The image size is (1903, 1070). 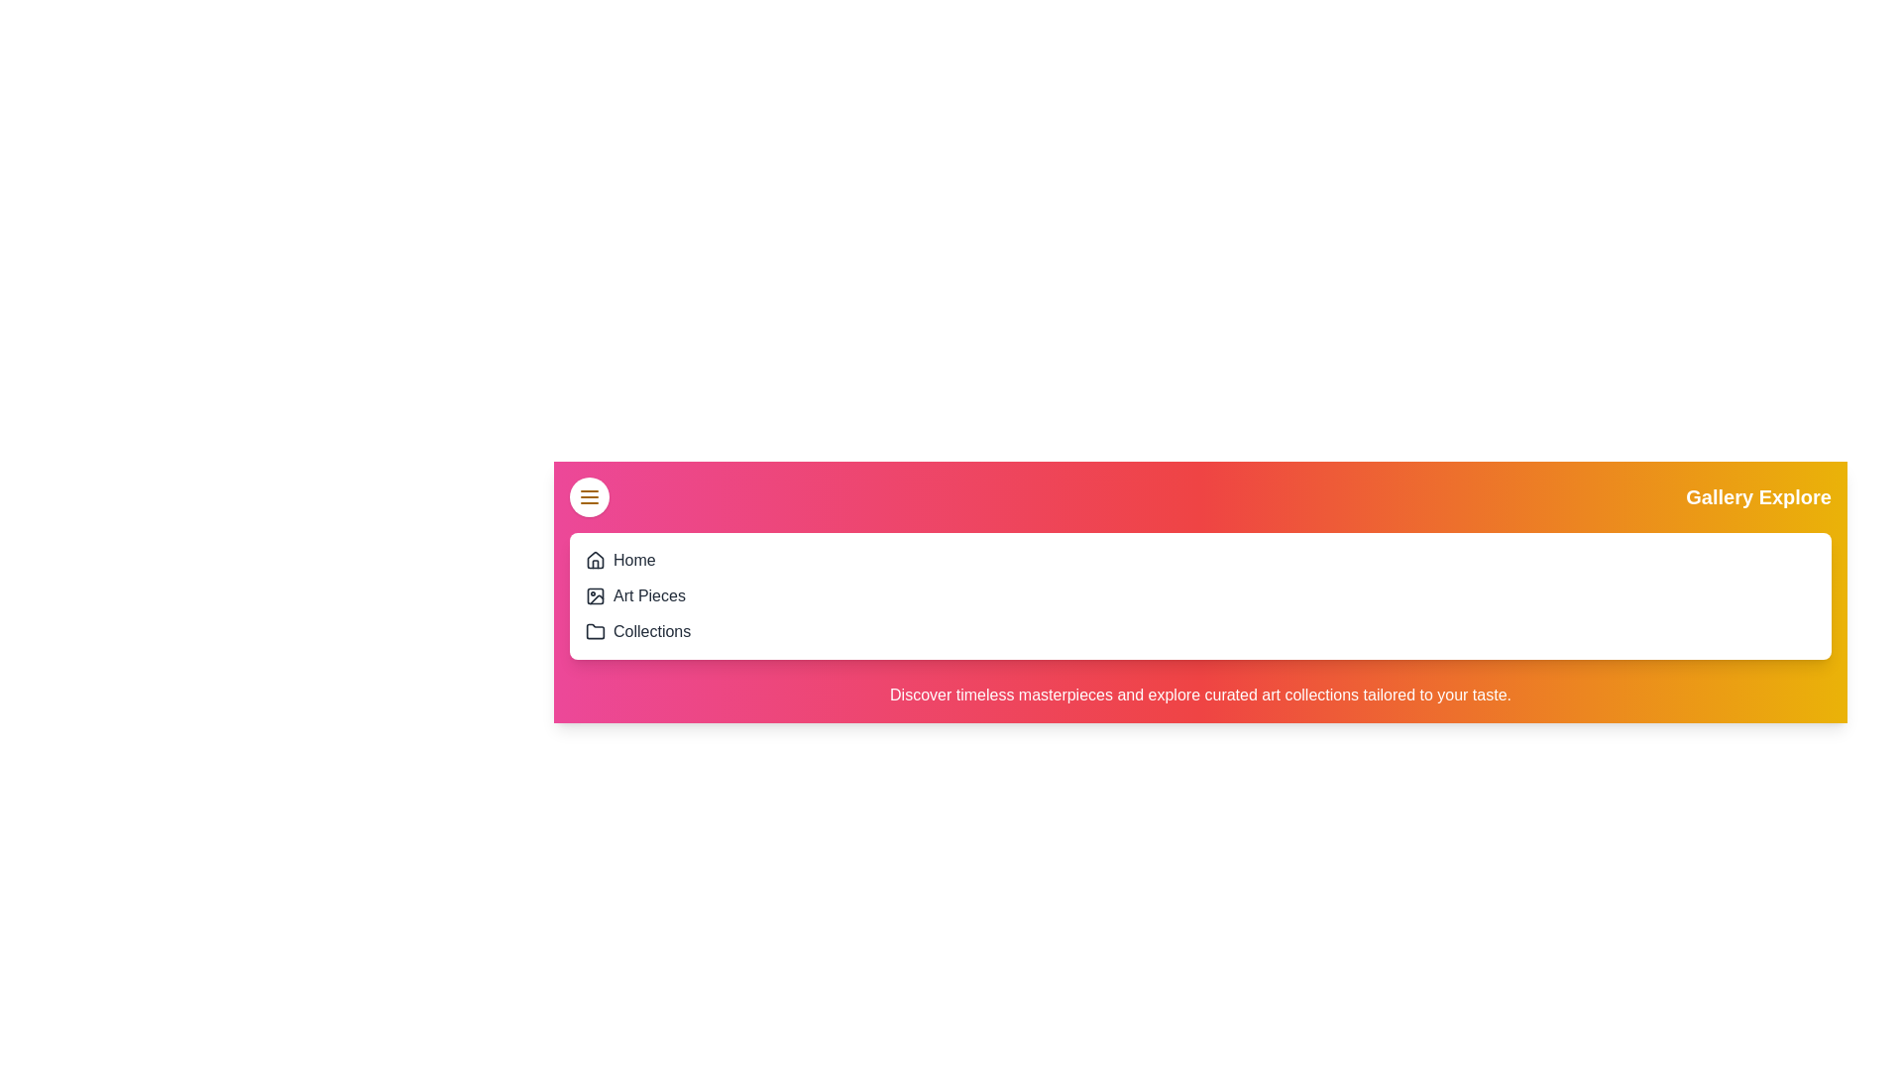 What do you see at coordinates (648, 594) in the screenshot?
I see `the 'Art Pieces' option in the menu` at bounding box center [648, 594].